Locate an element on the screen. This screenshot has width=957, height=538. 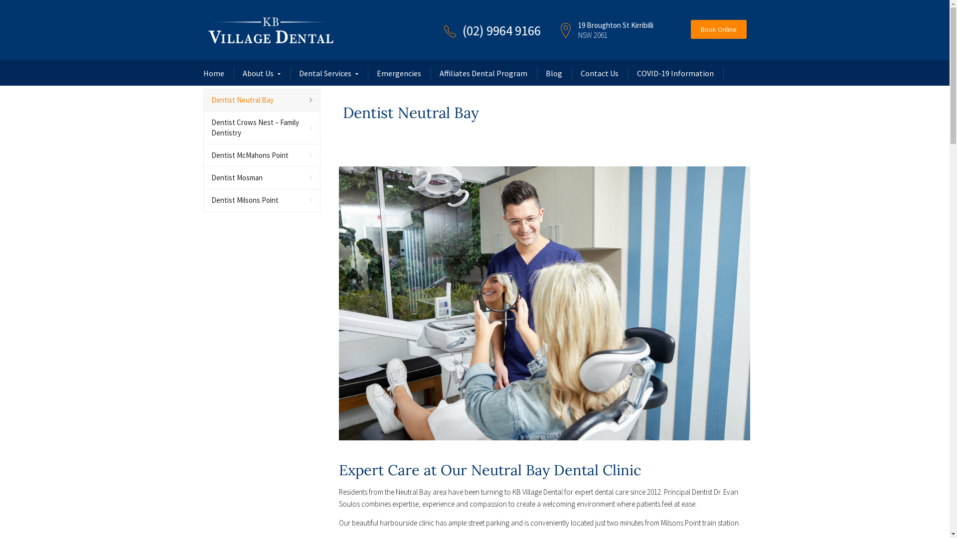
'About Us' is located at coordinates (242, 73).